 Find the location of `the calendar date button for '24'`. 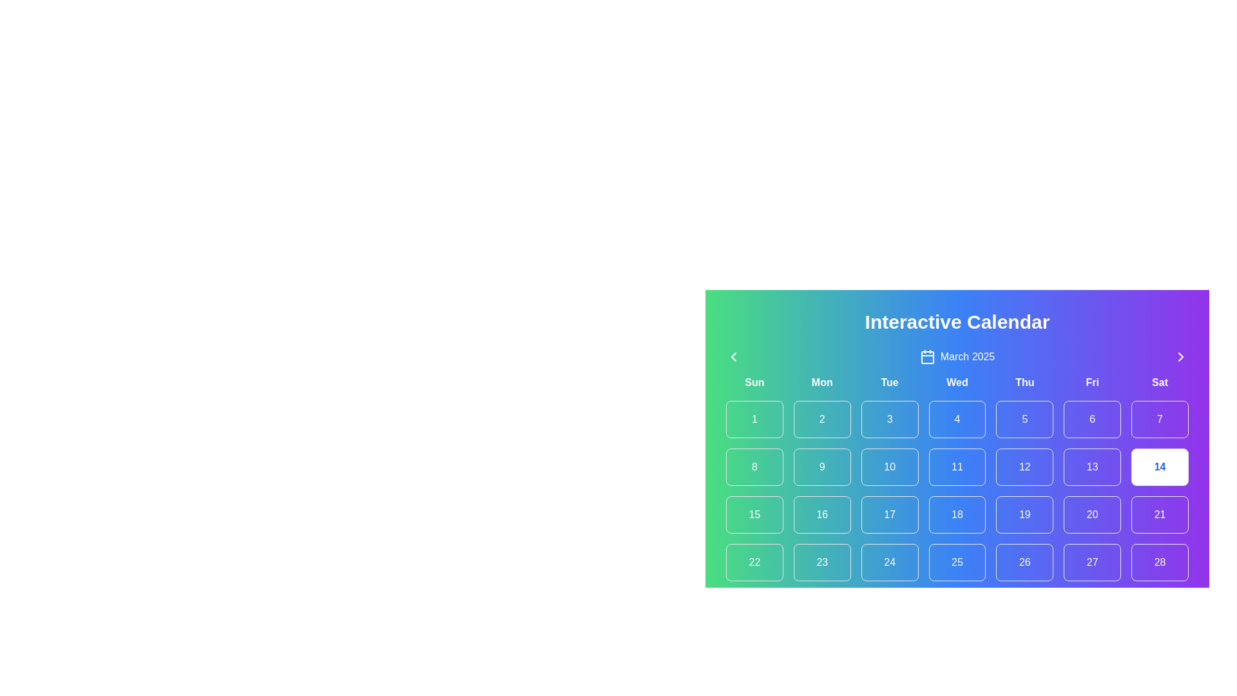

the calendar date button for '24' is located at coordinates (889, 561).